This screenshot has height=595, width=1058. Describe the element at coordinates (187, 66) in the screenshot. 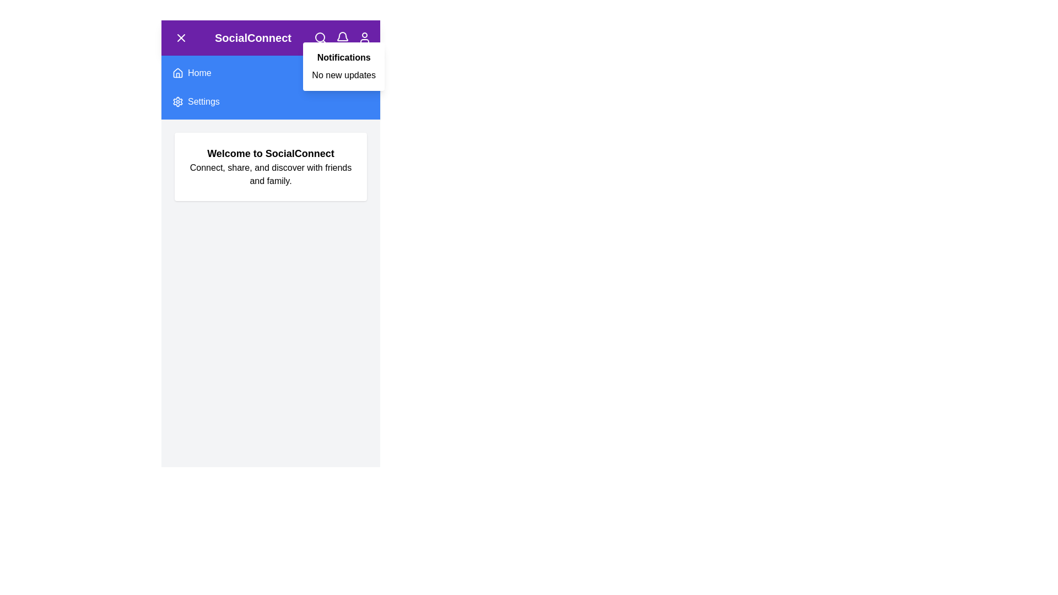

I see `the 'Home' button to navigate to the 'Home' section` at that location.